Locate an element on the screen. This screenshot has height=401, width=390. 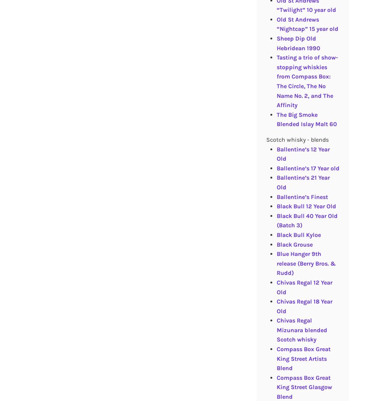
'Ballentine’s Finest' is located at coordinates (302, 196).